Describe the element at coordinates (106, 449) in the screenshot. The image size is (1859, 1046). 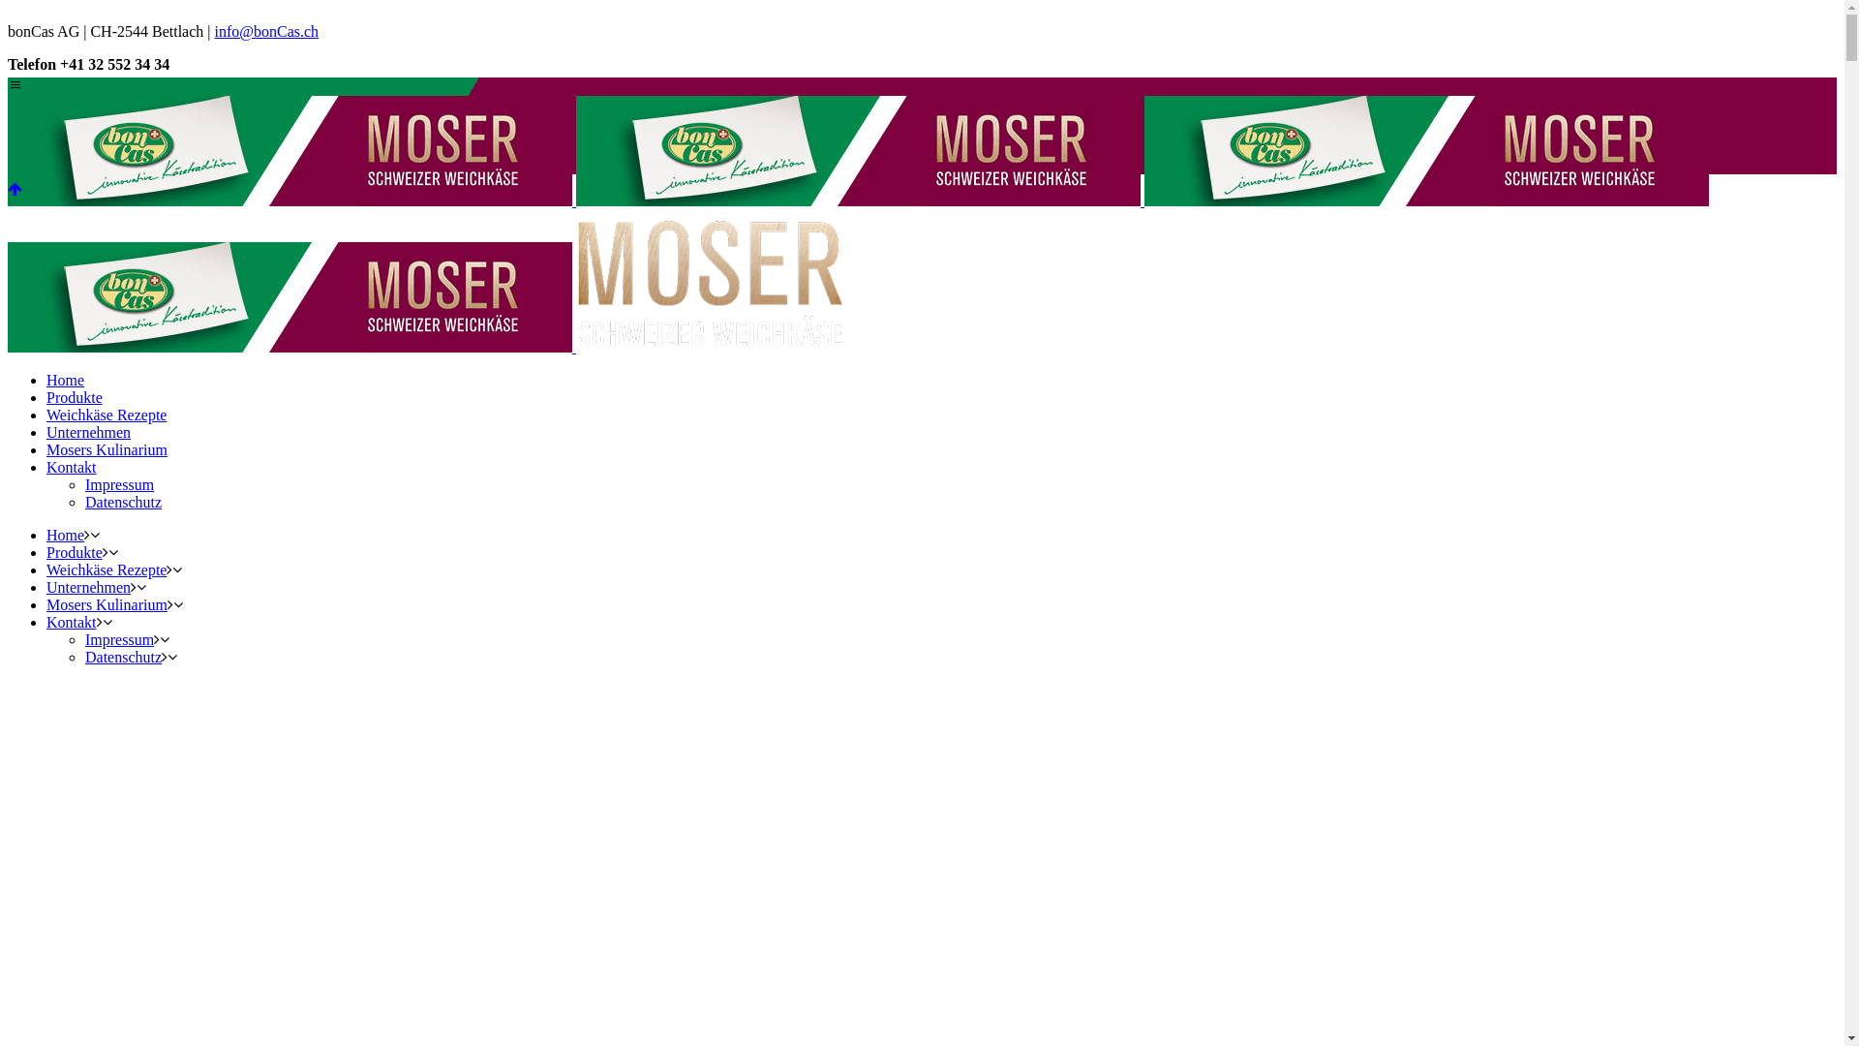
I see `'Mosers Kulinarium'` at that location.